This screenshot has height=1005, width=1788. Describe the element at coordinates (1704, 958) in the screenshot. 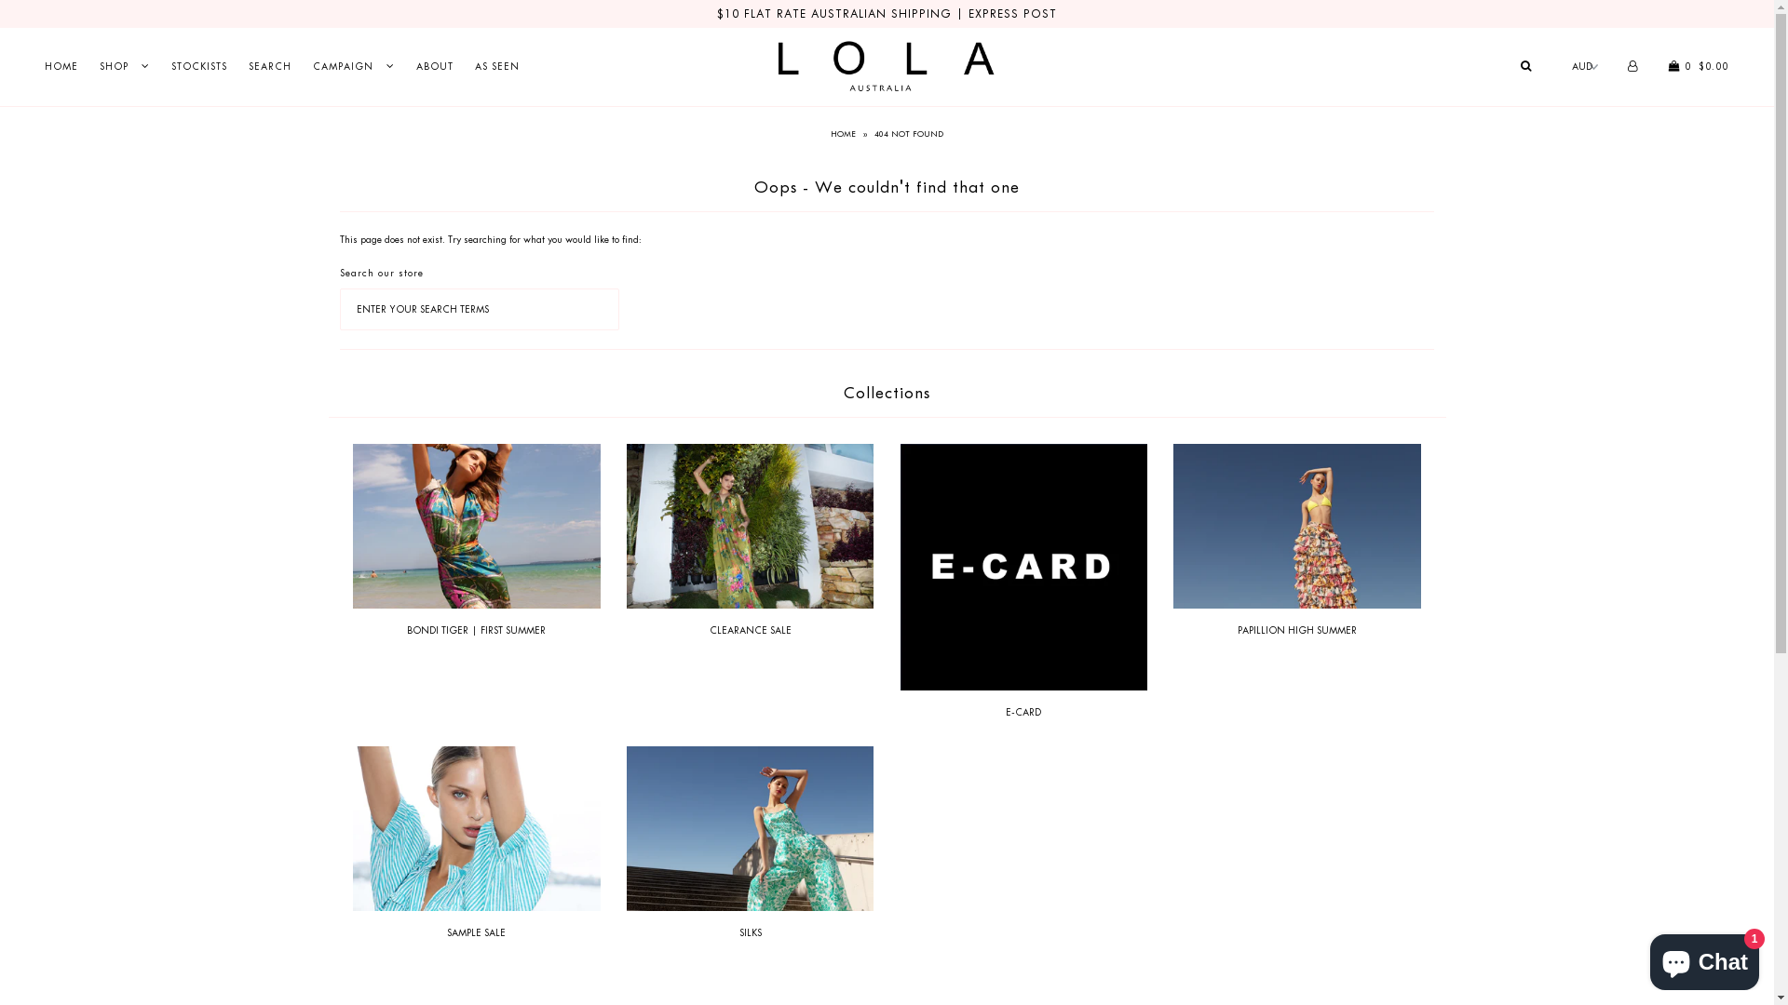

I see `'Shopify online store chat'` at that location.